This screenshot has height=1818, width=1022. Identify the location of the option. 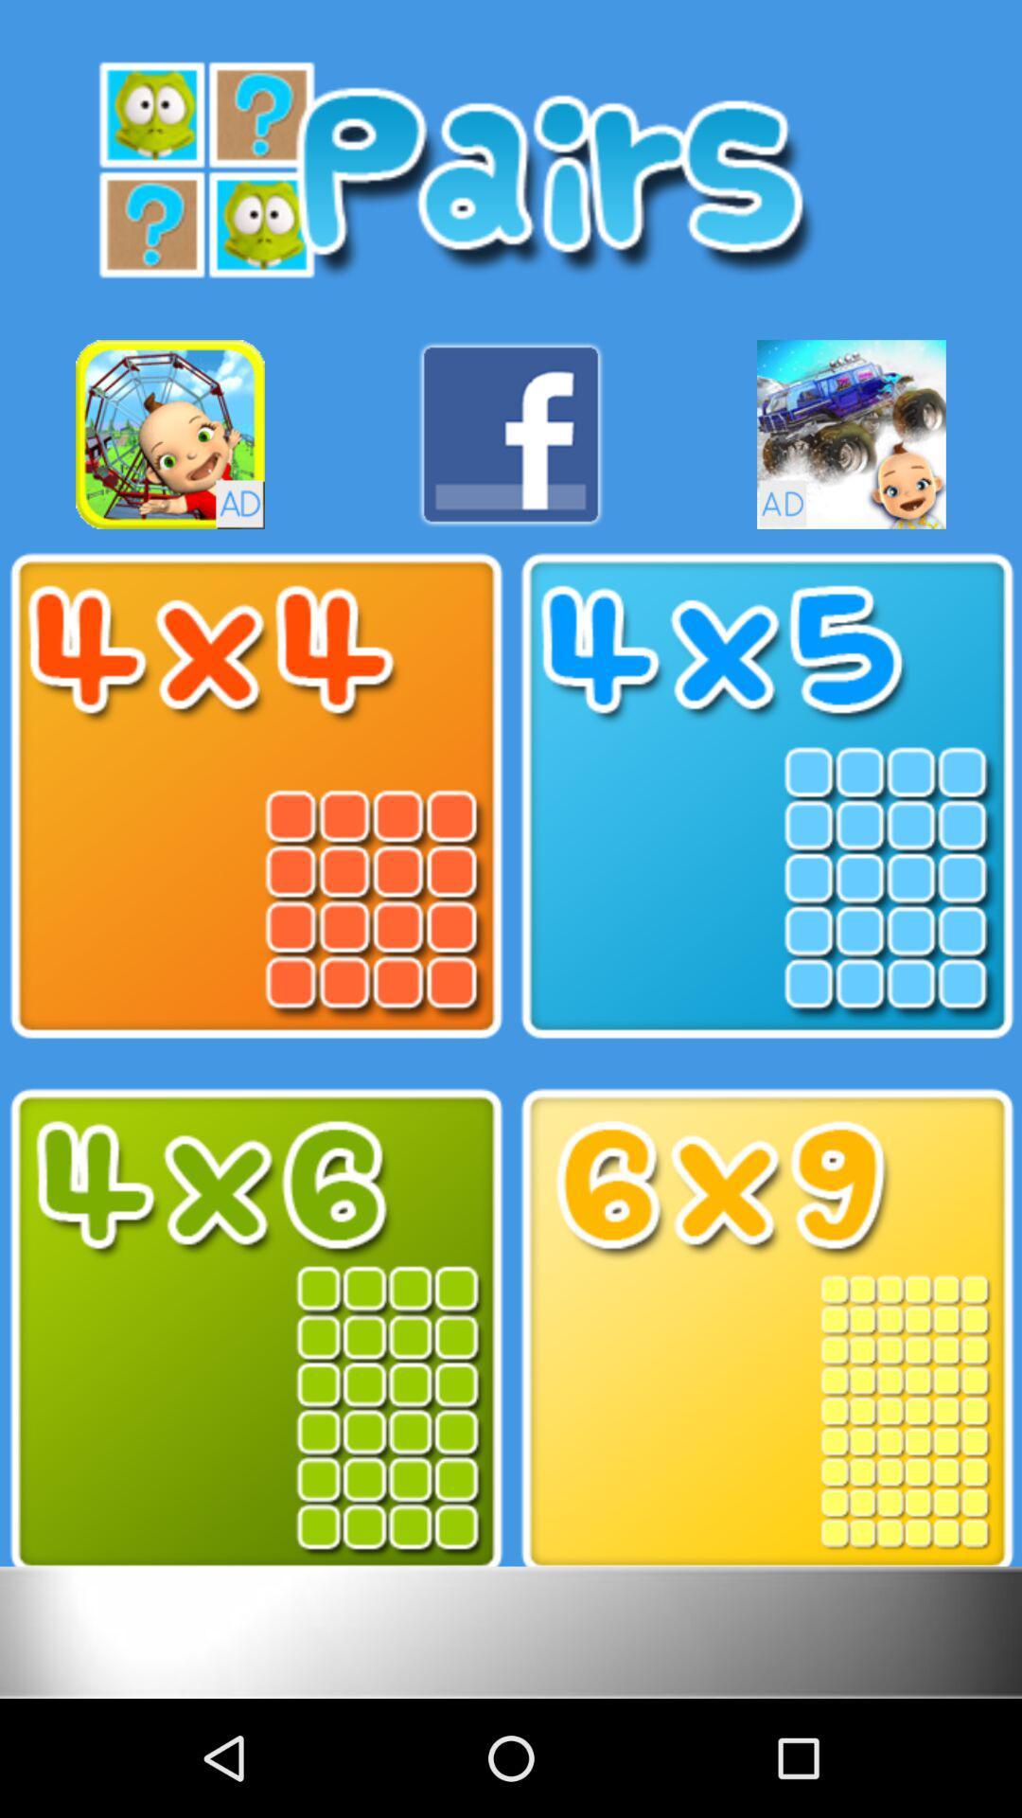
(766, 1330).